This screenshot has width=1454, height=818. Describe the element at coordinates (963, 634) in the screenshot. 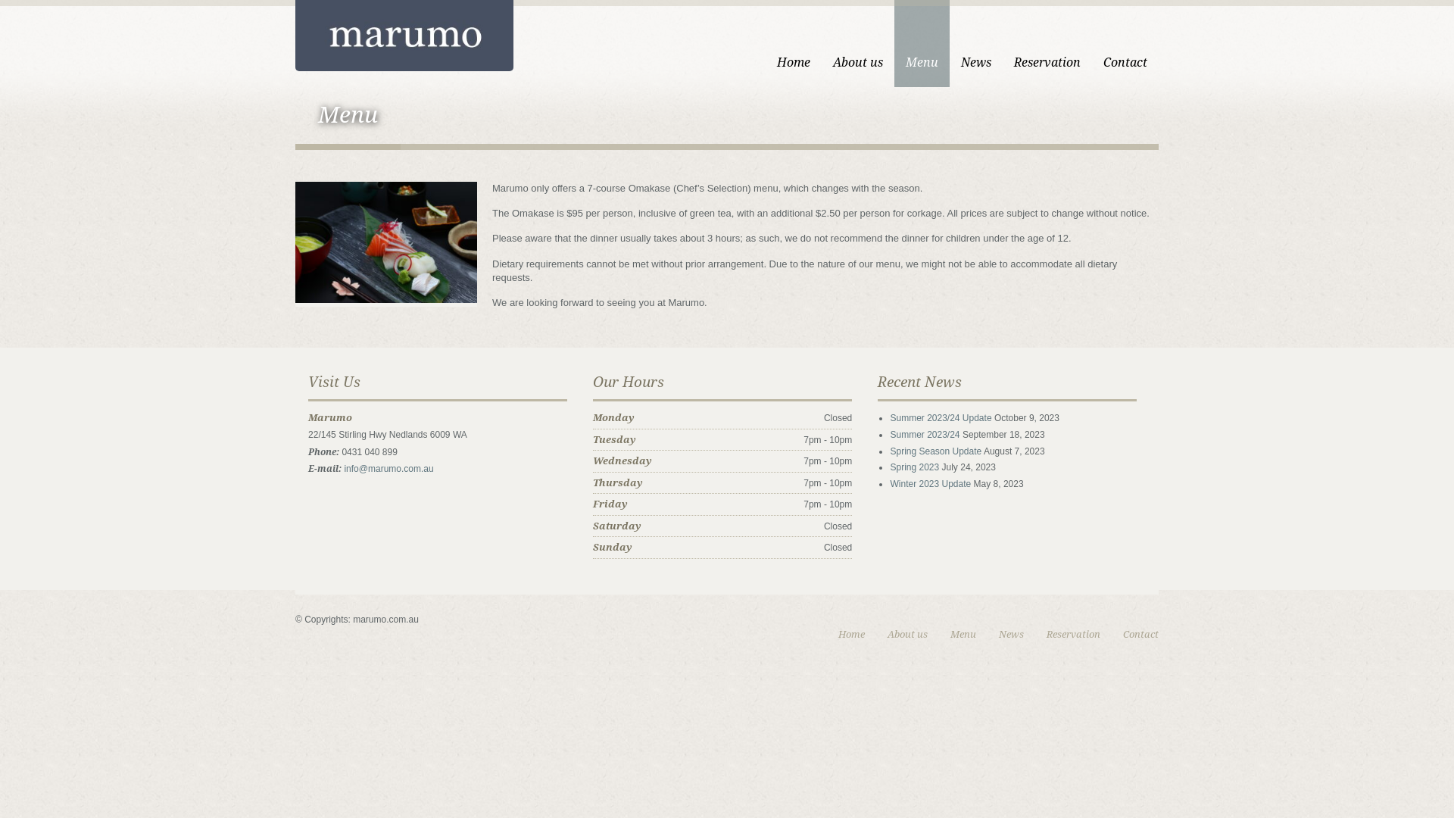

I see `'Menu'` at that location.